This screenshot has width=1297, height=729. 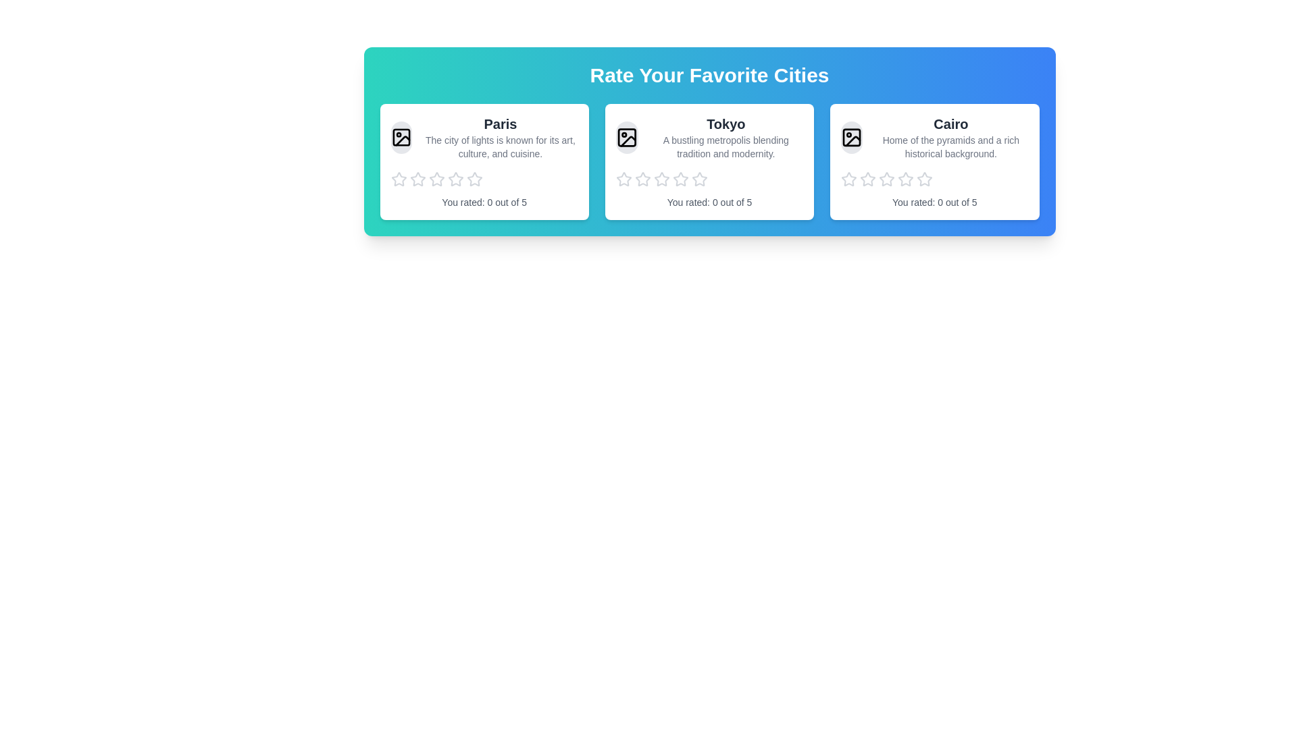 What do you see at coordinates (851, 138) in the screenshot?
I see `the illustrative icon or placeholder image located at the top-left of the Cairo card, which is positioned directly to the left of the text 'Cairo'` at bounding box center [851, 138].